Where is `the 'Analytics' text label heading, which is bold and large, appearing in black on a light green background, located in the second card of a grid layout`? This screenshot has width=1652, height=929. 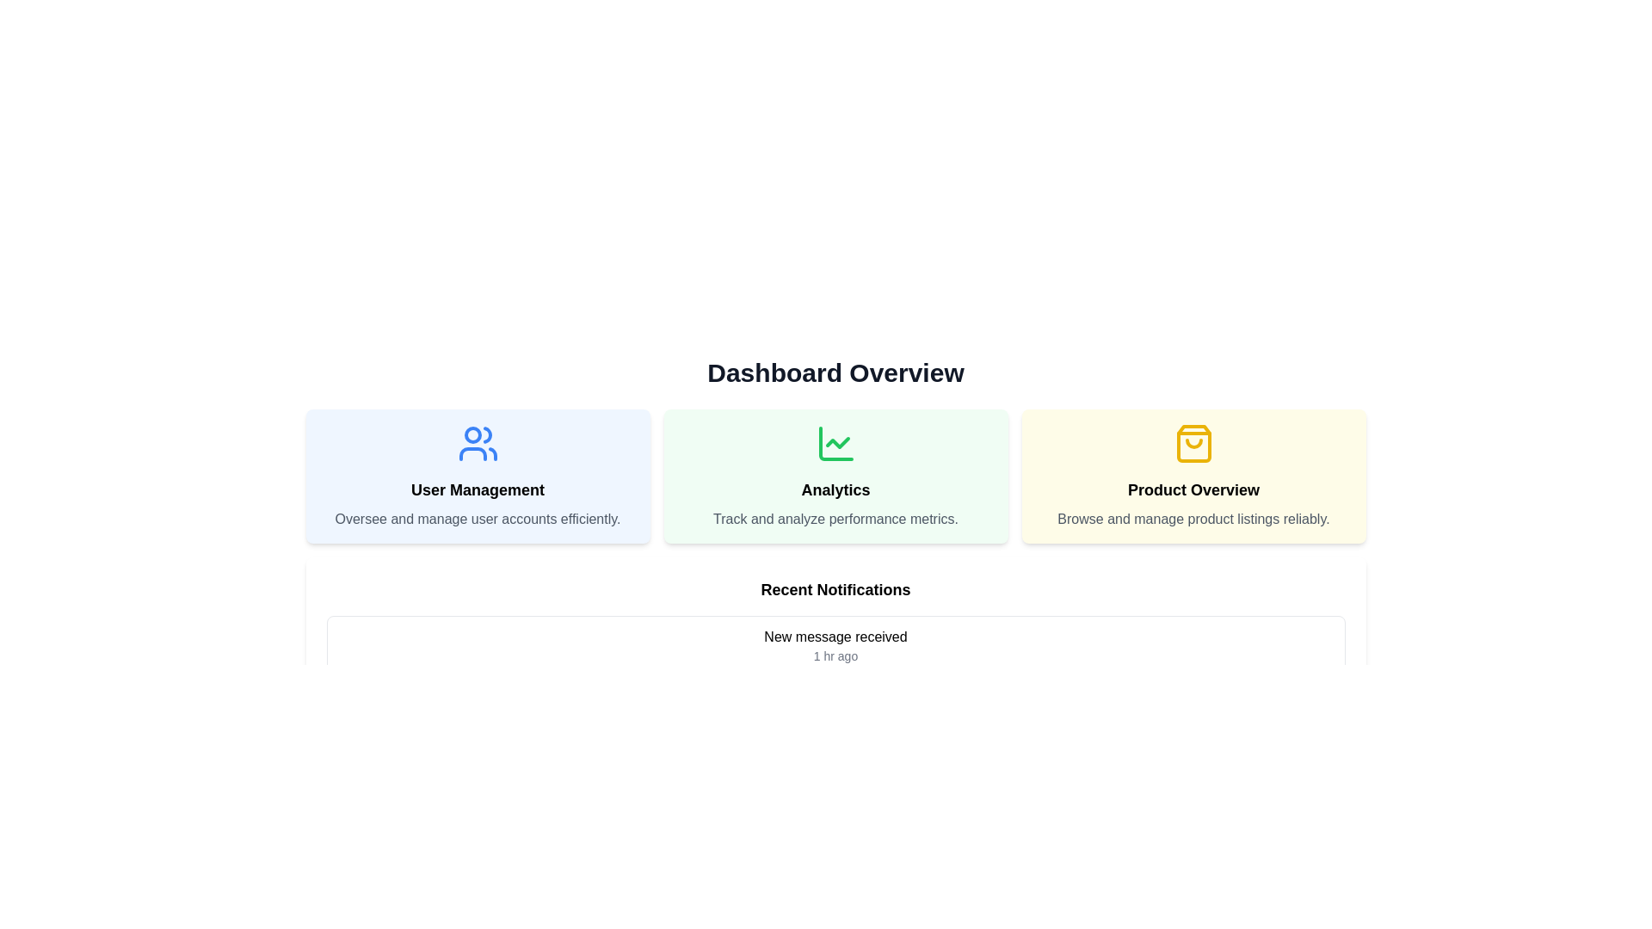 the 'Analytics' text label heading, which is bold and large, appearing in black on a light green background, located in the second card of a grid layout is located at coordinates (835, 490).